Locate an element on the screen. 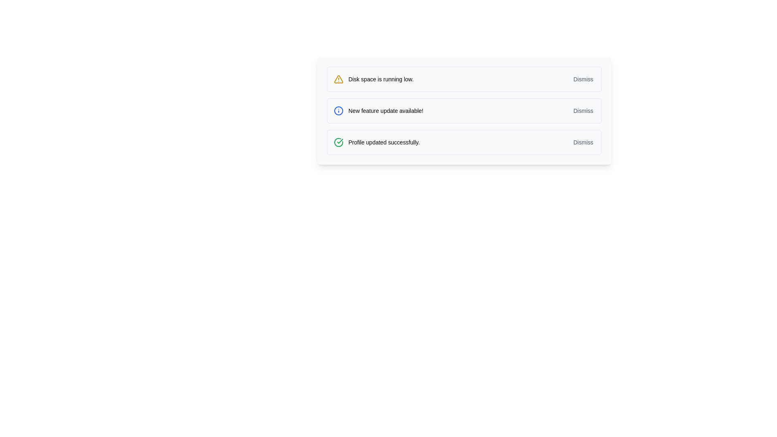  the 'Dismiss' button, which is the rightmost element in the notification area is located at coordinates (583, 110).